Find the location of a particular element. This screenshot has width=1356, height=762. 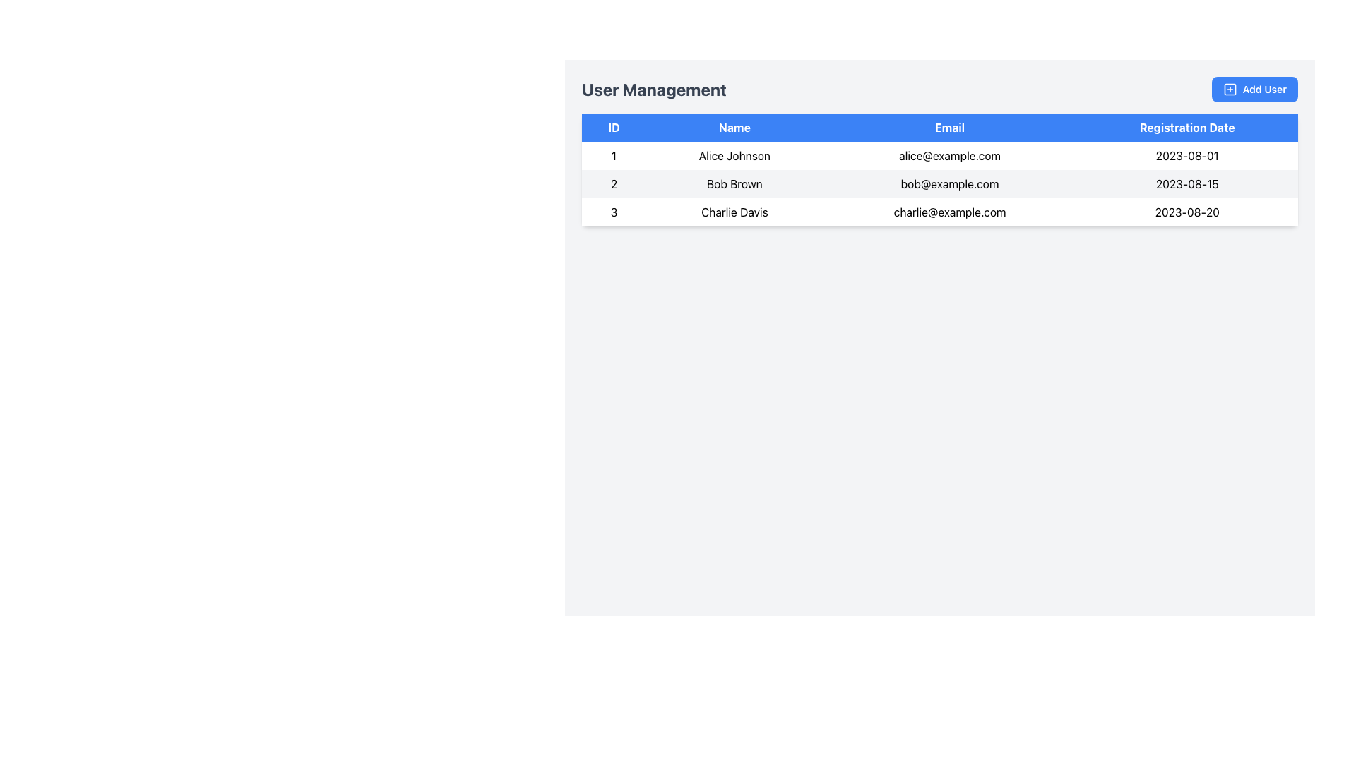

the Static Text element that identifies the second entry in the table under the 'ID' column is located at coordinates (614, 183).